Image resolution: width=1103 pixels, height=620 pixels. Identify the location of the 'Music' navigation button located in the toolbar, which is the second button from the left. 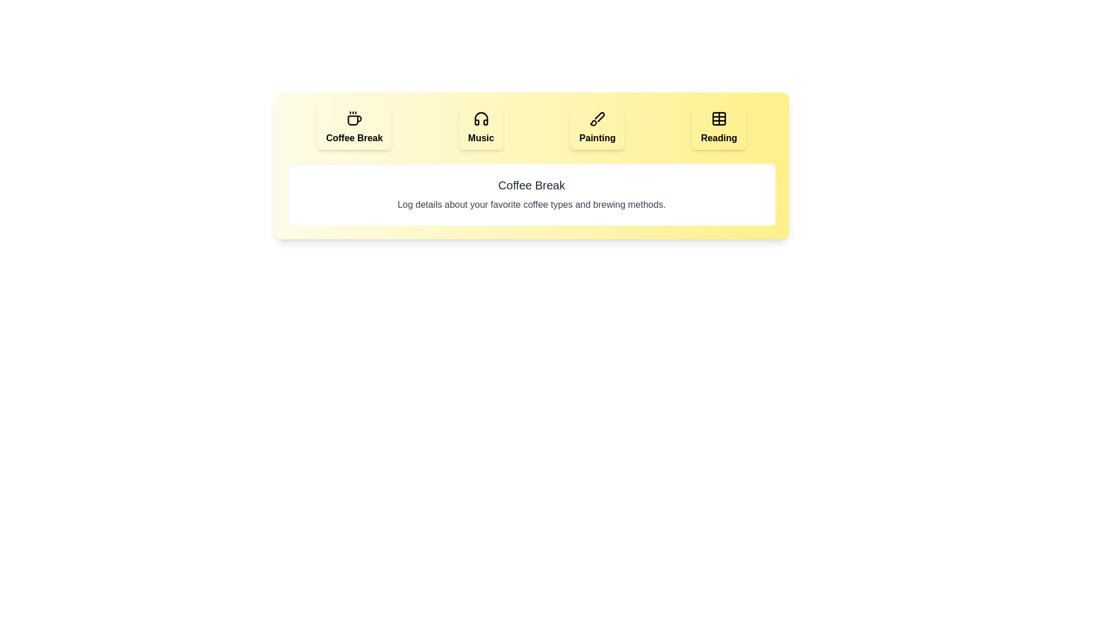
(481, 128).